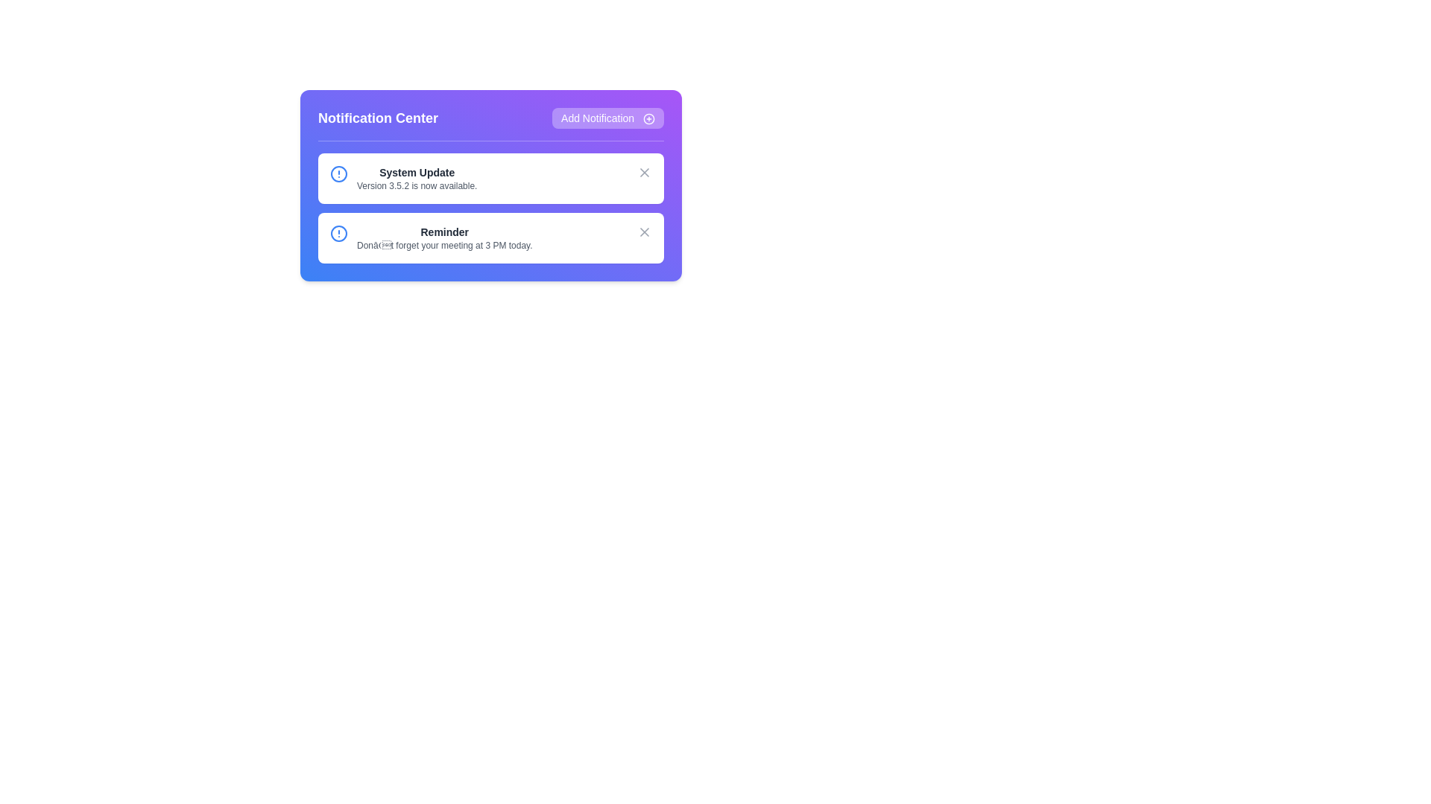 This screenshot has width=1431, height=804. What do you see at coordinates (417, 177) in the screenshot?
I see `notification content titled 'System Update' which shows the details 'Version 3.5.2 is now available.'` at bounding box center [417, 177].